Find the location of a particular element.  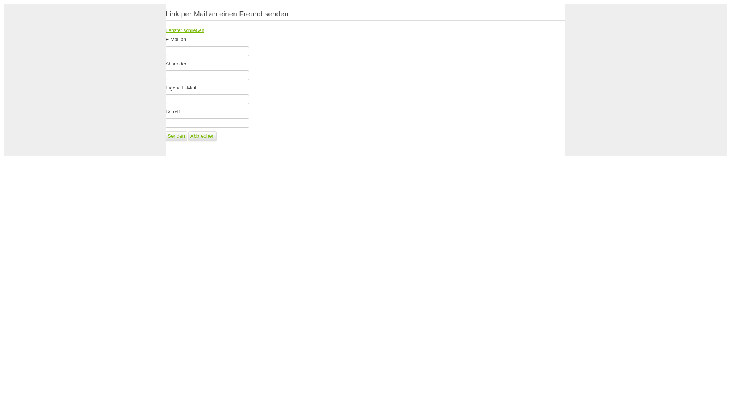

'Senden' is located at coordinates (176, 136).